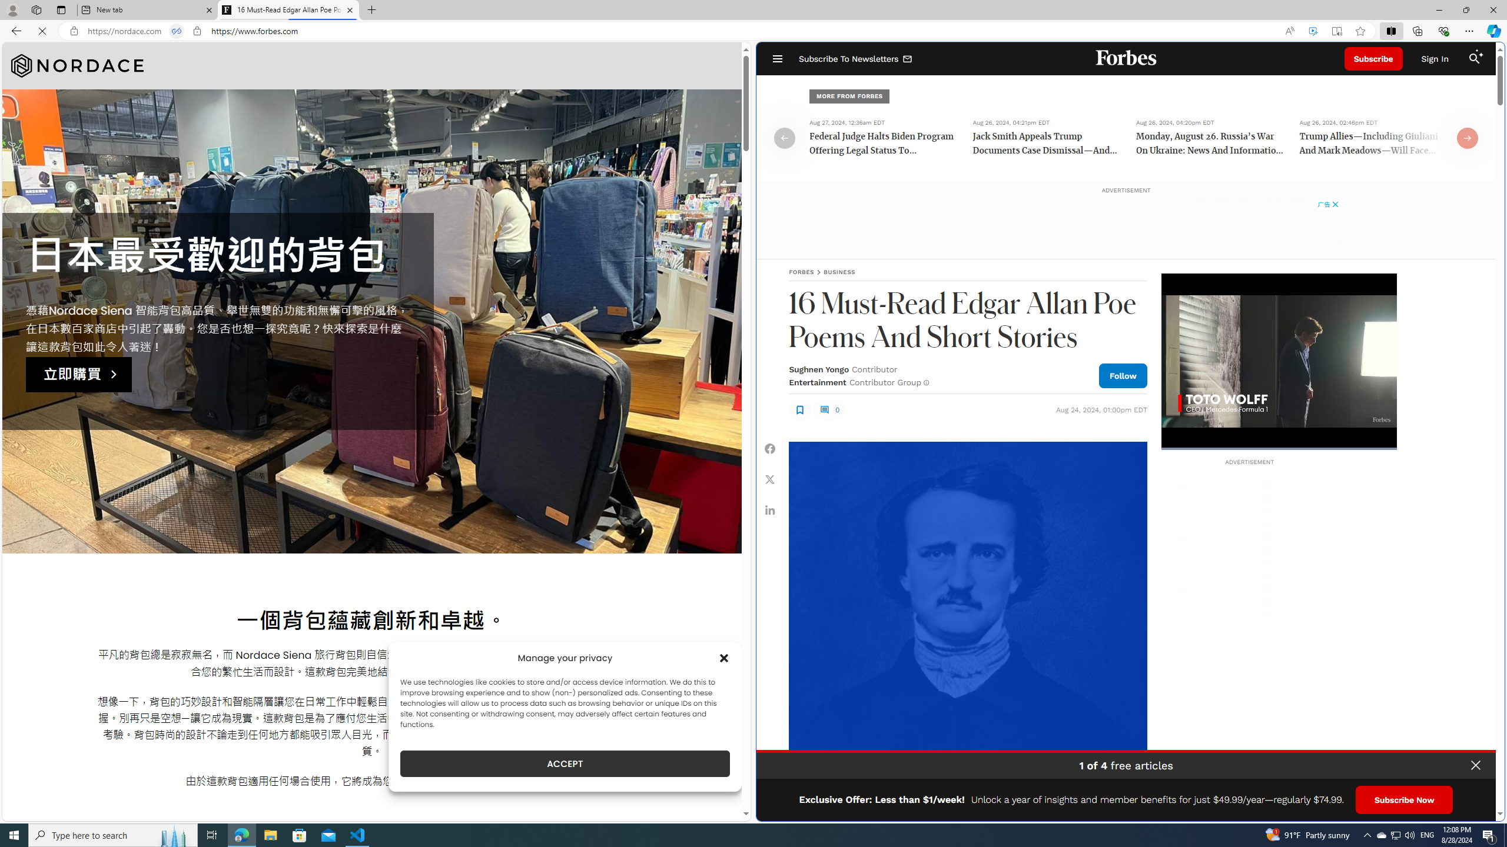 This screenshot has width=1507, height=847. What do you see at coordinates (784, 137) in the screenshot?
I see `'Class: fs-icon fs-icon--arrow-left'` at bounding box center [784, 137].